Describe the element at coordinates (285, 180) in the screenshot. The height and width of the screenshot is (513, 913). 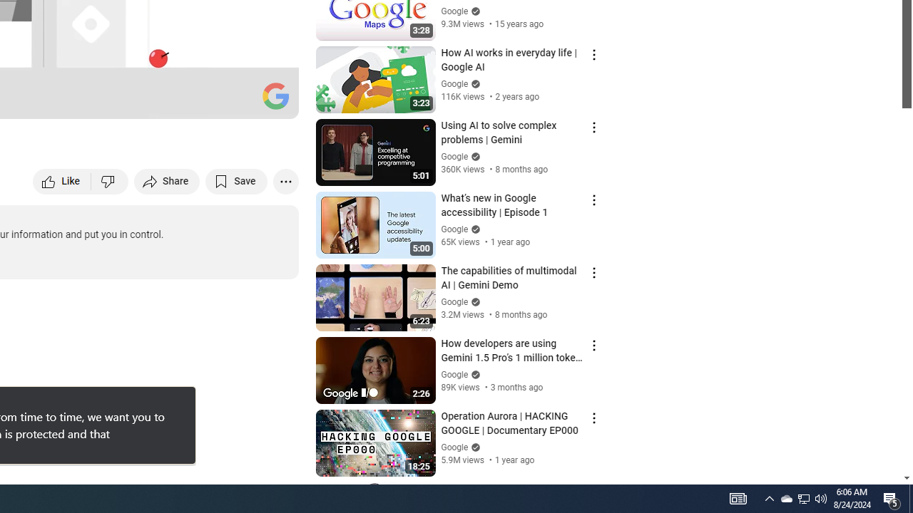
I see `'More actions'` at that location.